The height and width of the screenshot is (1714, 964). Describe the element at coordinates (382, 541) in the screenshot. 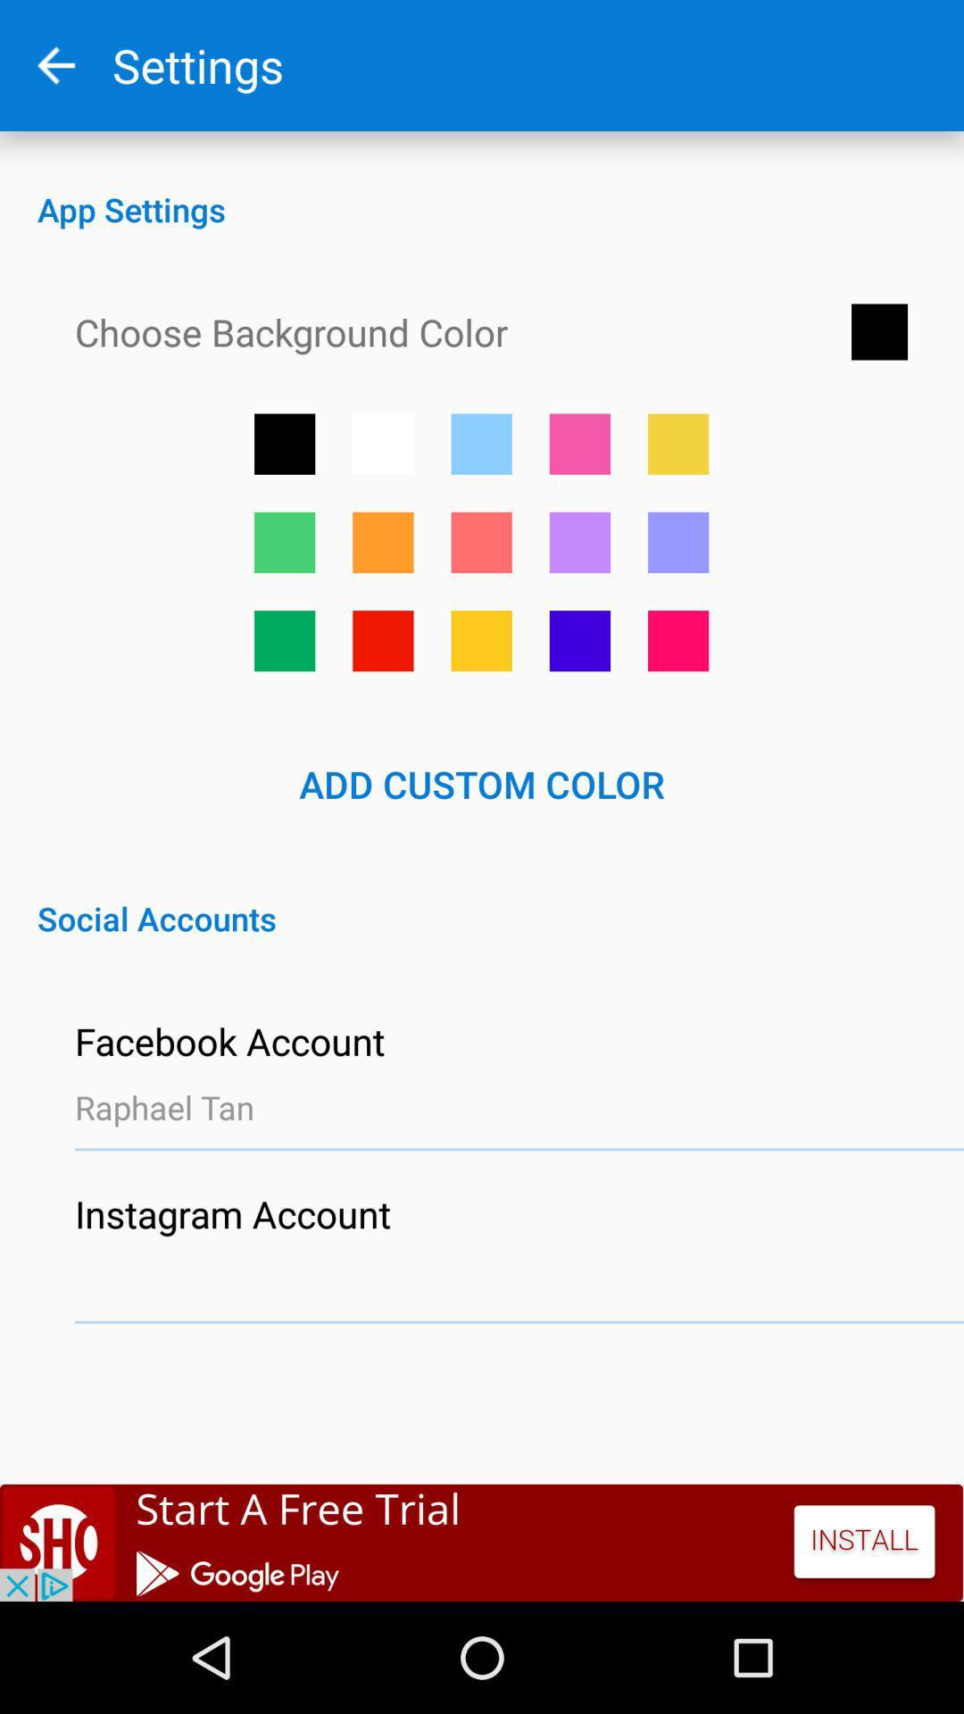

I see `color` at that location.